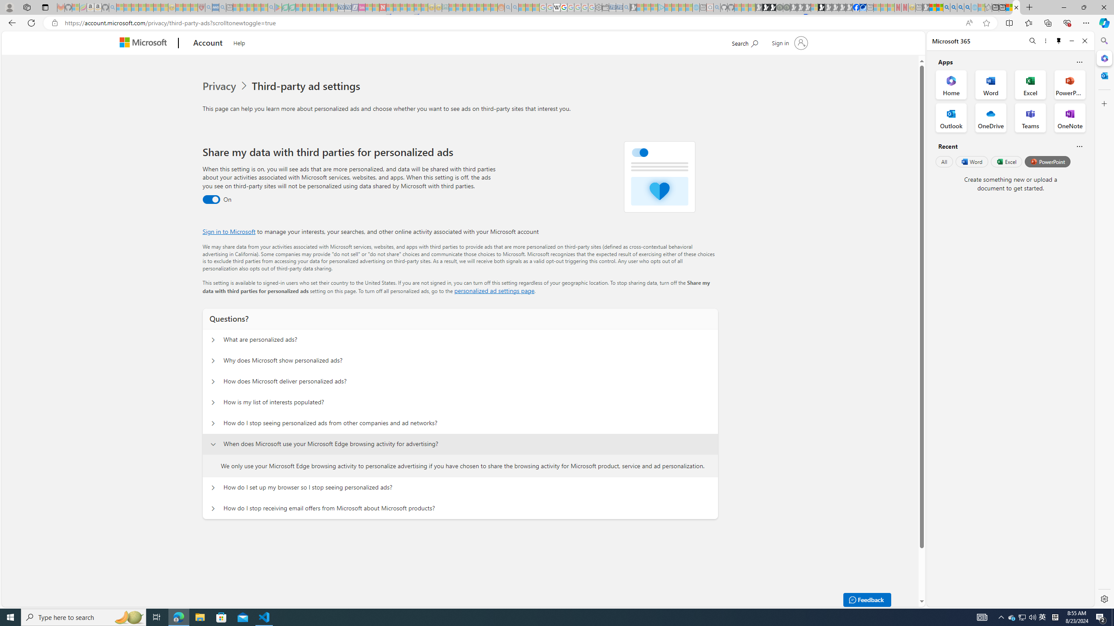 Image resolution: width=1114 pixels, height=626 pixels. I want to click on 'Third-party ad settings', so click(307, 86).